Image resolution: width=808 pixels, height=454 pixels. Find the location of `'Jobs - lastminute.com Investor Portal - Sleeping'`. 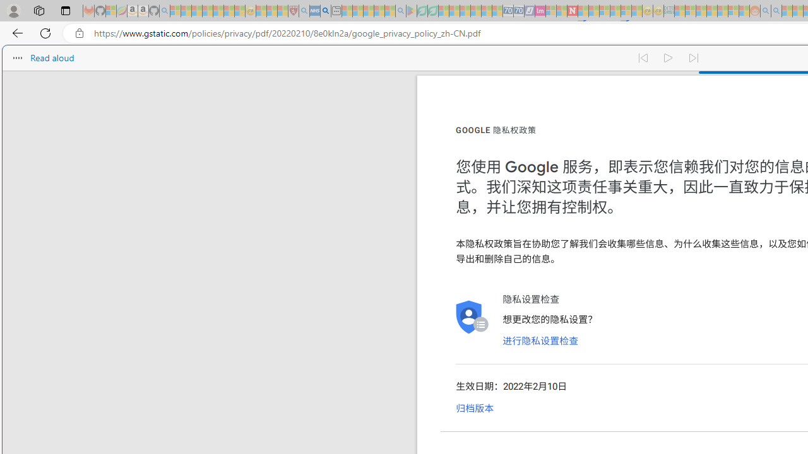

'Jobs - lastminute.com Investor Portal - Sleeping' is located at coordinates (540, 11).